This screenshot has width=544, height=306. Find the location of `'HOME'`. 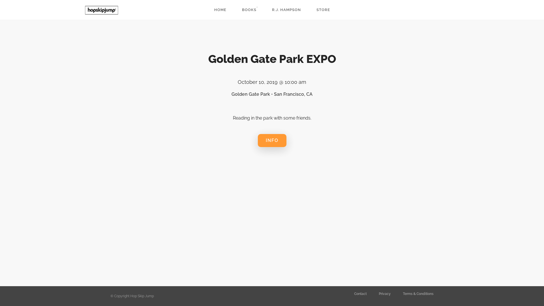

'HOME' is located at coordinates (220, 10).